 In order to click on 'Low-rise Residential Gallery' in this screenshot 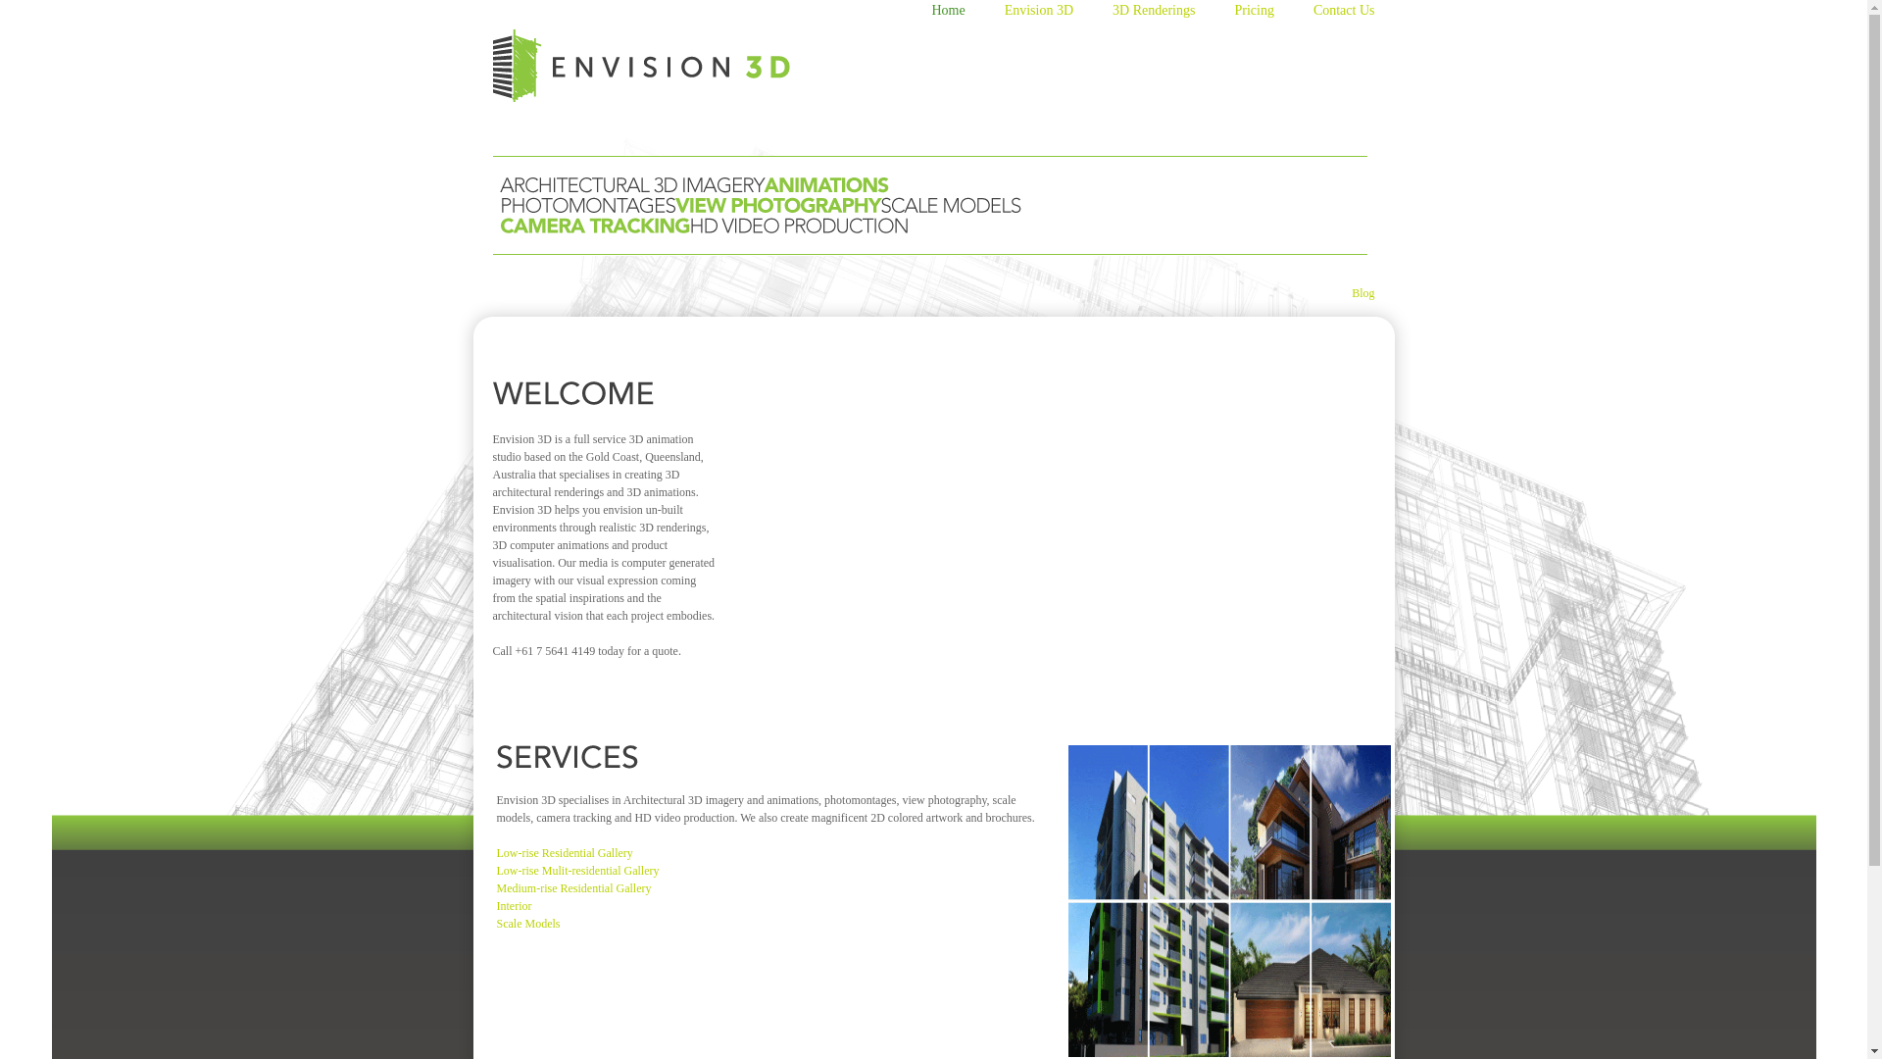, I will do `click(563, 852)`.